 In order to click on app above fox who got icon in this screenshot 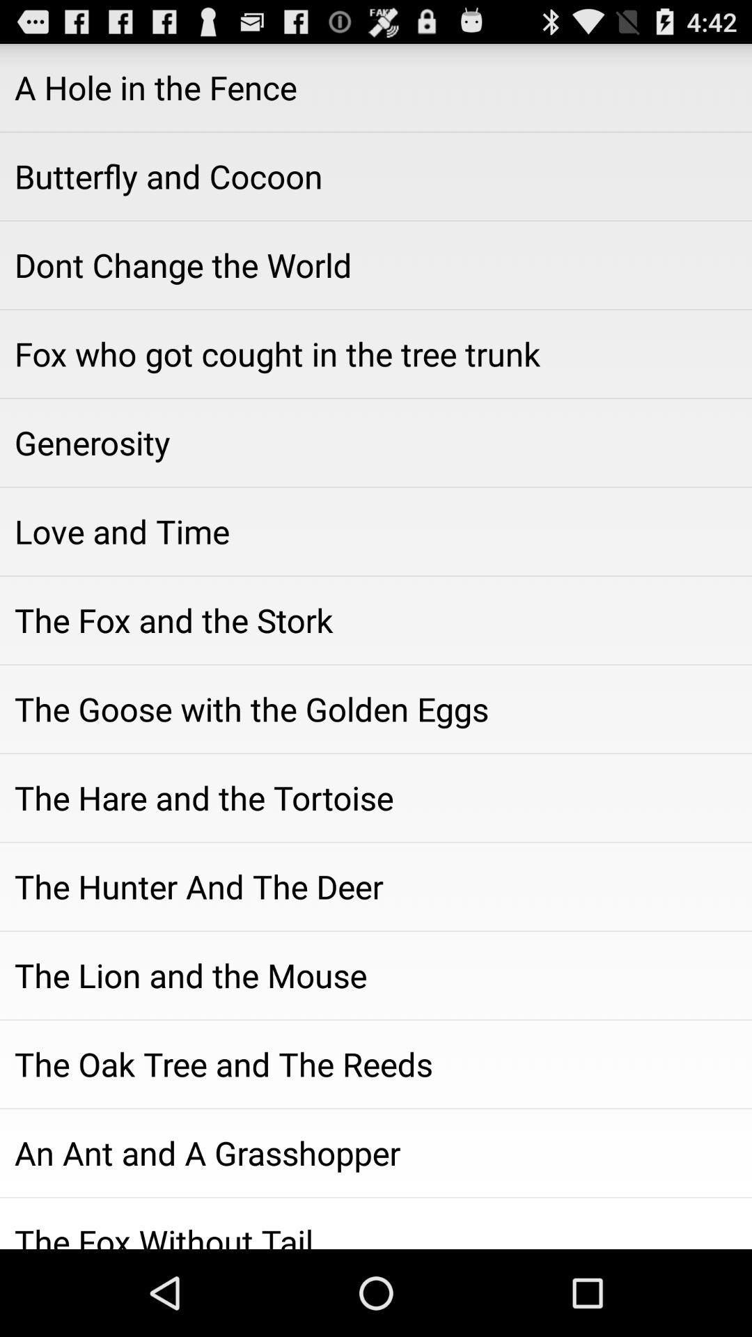, I will do `click(376, 265)`.